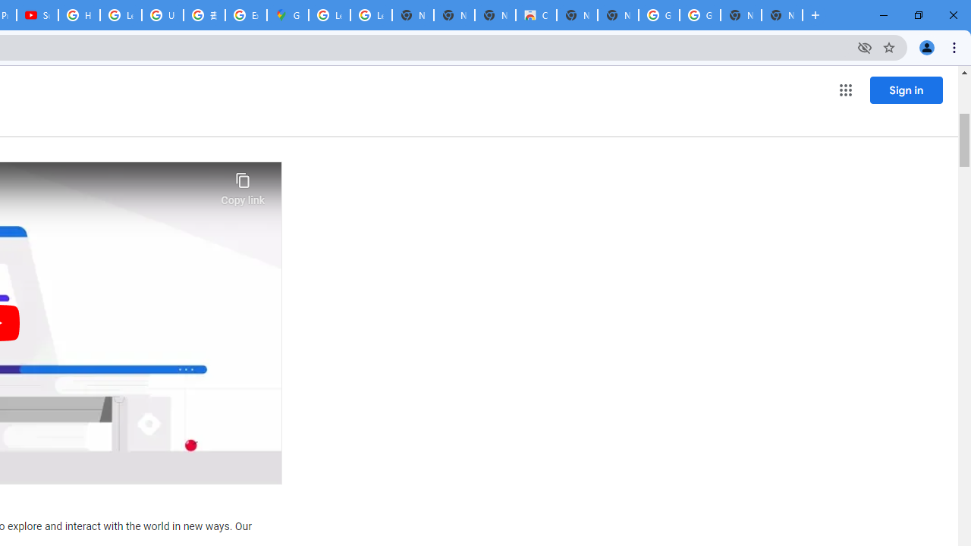 This screenshot has height=546, width=971. Describe the element at coordinates (925, 46) in the screenshot. I see `'You'` at that location.